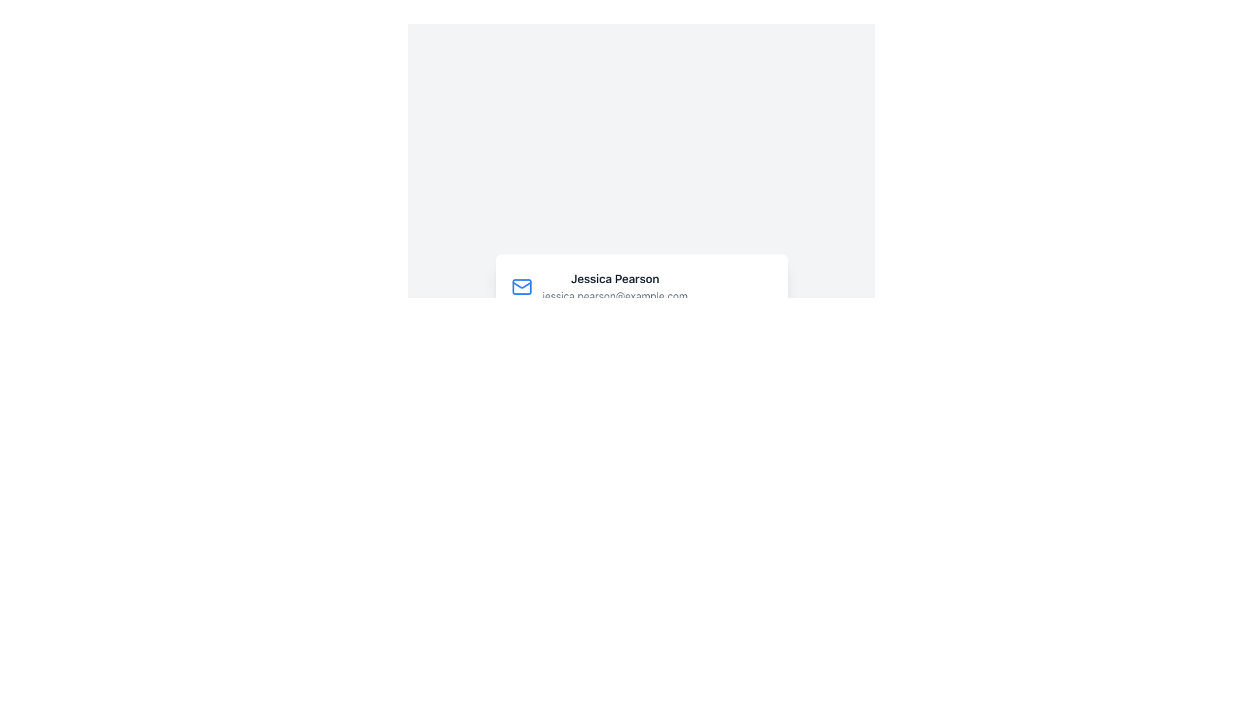  I want to click on text label displaying the email address 'jessica.pearson@example.com', which is positioned below the name 'Jessica Pearson' and aligned to the left with an envelope icon on its left, so click(615, 296).